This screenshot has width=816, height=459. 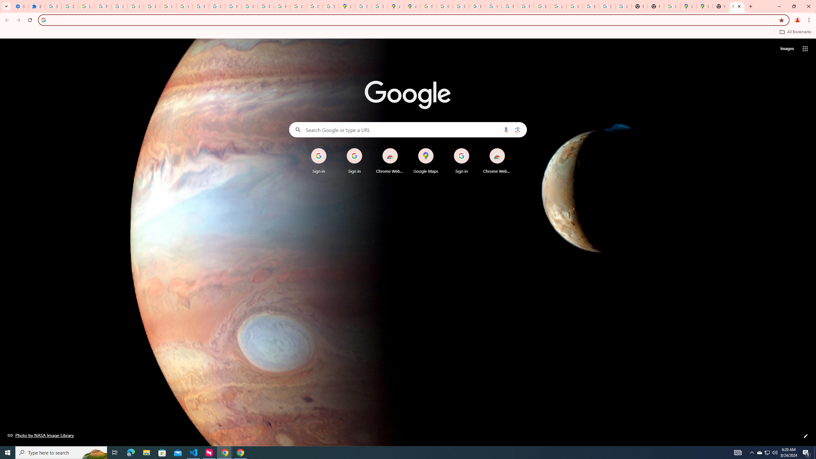 I want to click on 'Customize this page', so click(x=805, y=436).